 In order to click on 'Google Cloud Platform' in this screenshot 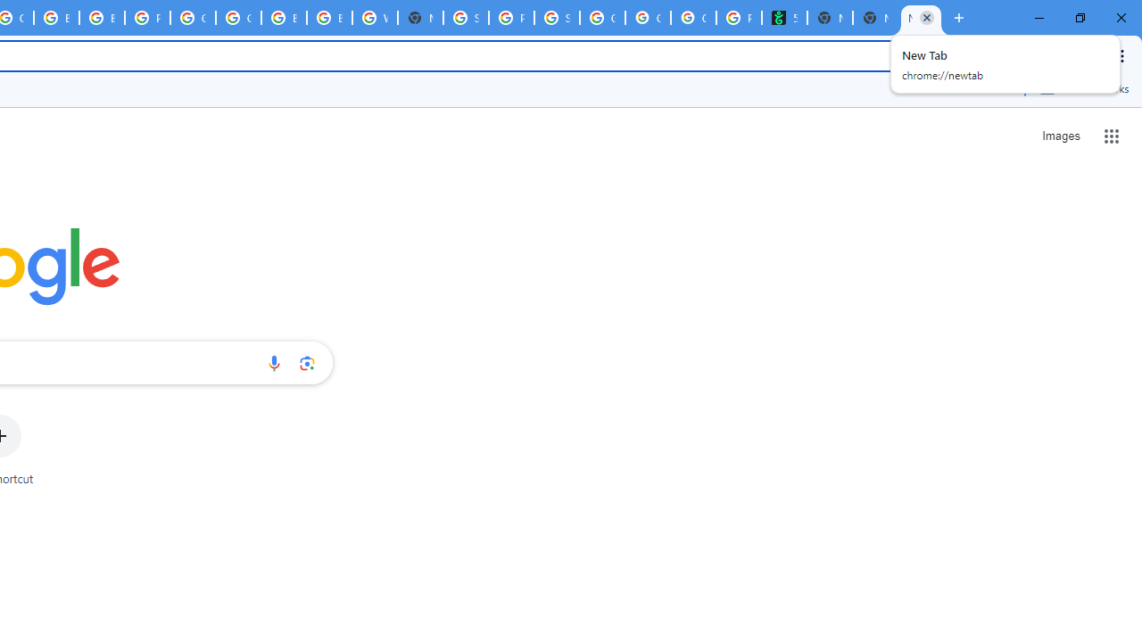, I will do `click(237, 18)`.